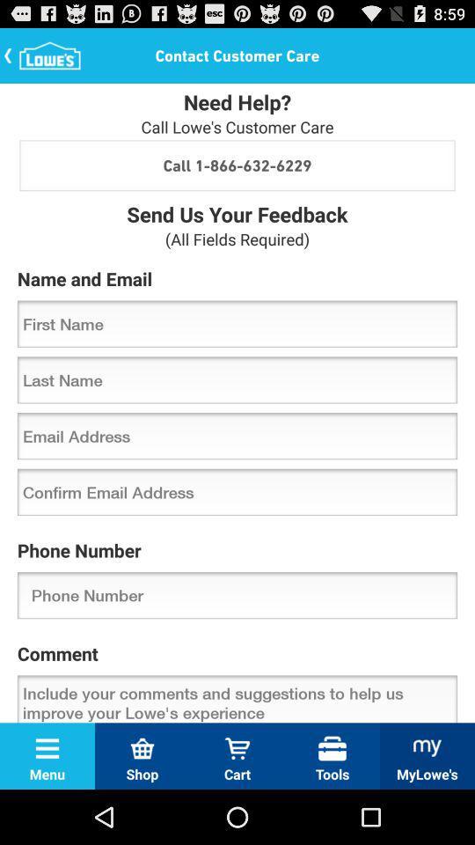  Describe the element at coordinates (237, 595) in the screenshot. I see `item below the phone number icon` at that location.